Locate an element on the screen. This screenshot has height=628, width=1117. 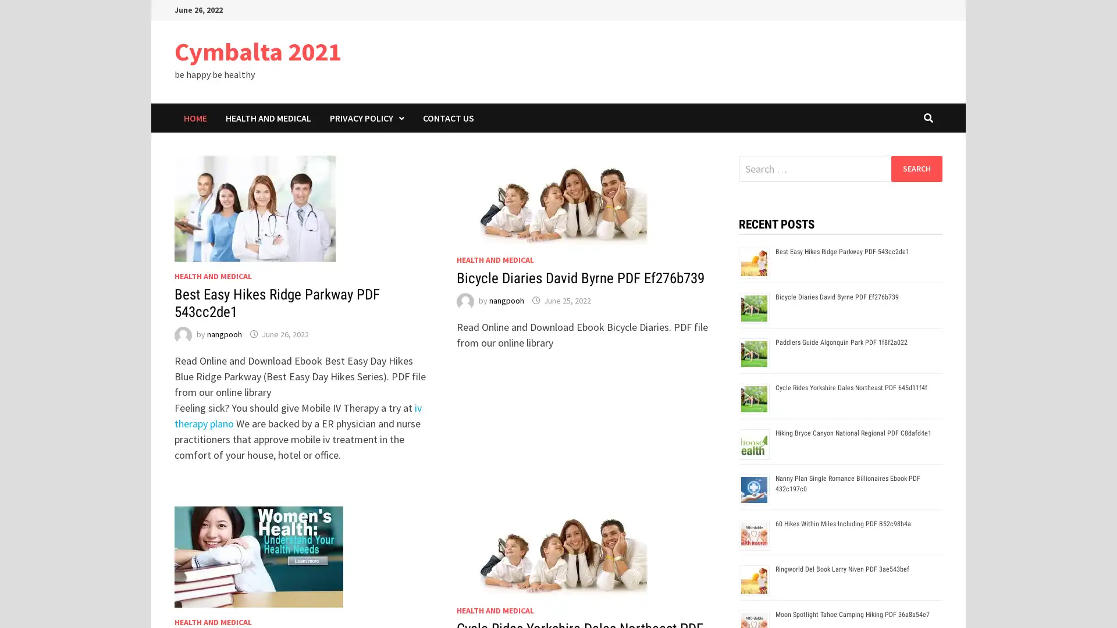
Search is located at coordinates (916, 168).